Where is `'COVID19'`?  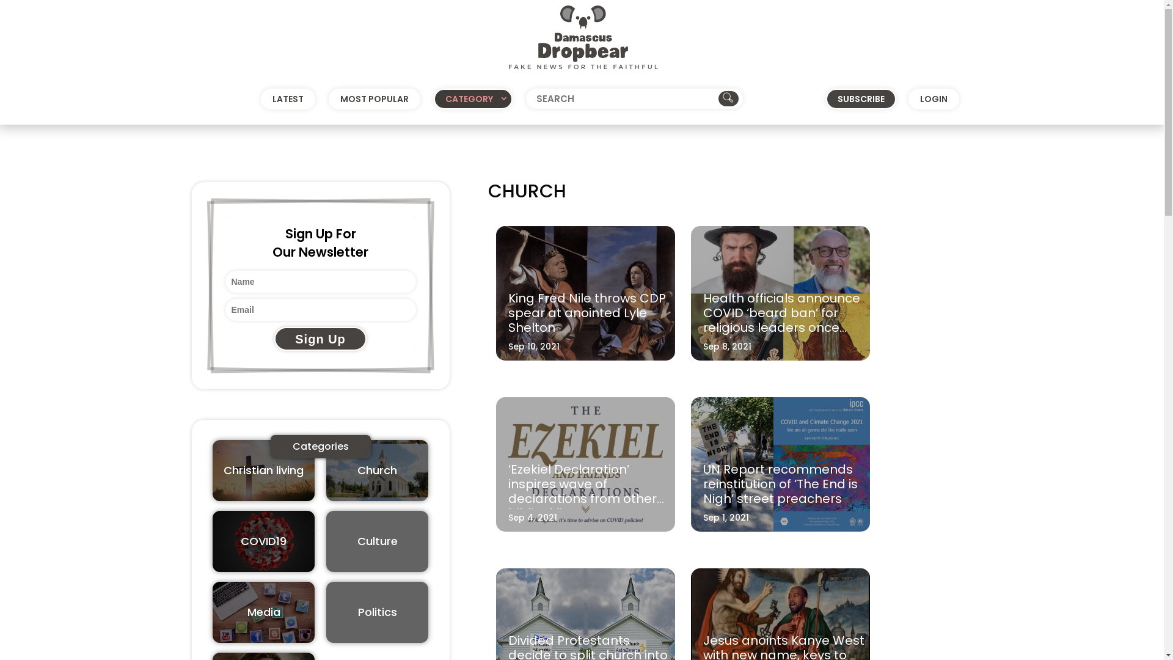
'COVID19' is located at coordinates (263, 541).